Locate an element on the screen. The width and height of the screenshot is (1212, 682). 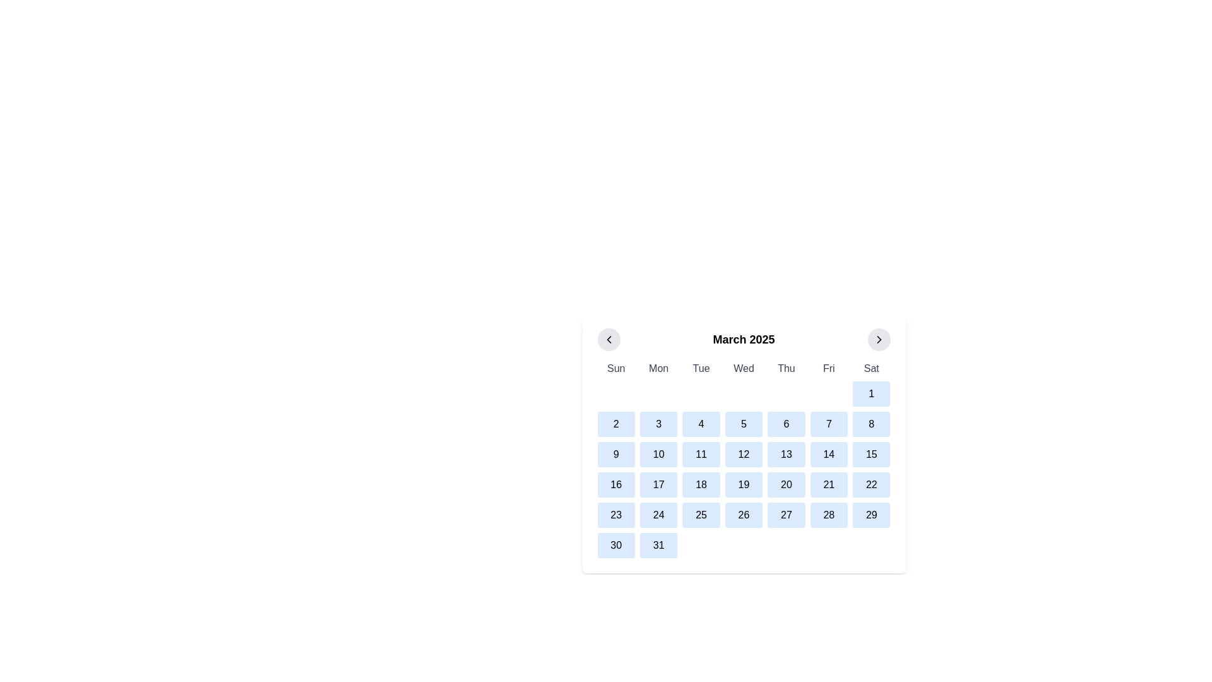
the rounded rectangular button with a light blue background displaying the number '30' in black text, located in the sixth column of the last row of the calendar grid is located at coordinates (616, 545).